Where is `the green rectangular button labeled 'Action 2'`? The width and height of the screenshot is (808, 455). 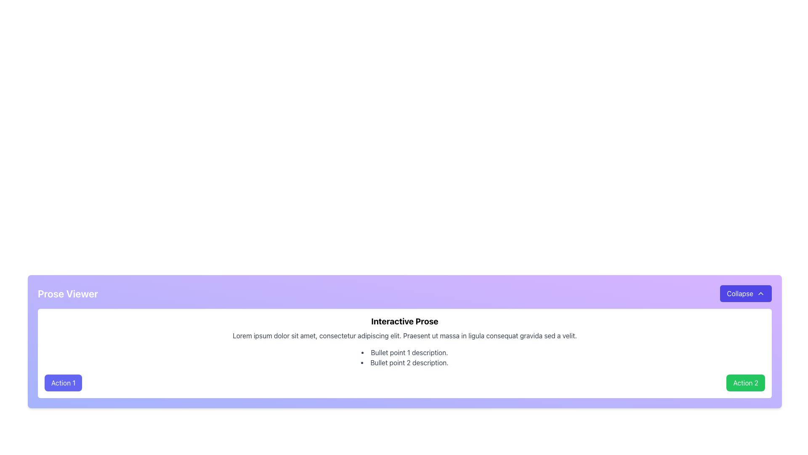
the green rectangular button labeled 'Action 2' is located at coordinates (746, 383).